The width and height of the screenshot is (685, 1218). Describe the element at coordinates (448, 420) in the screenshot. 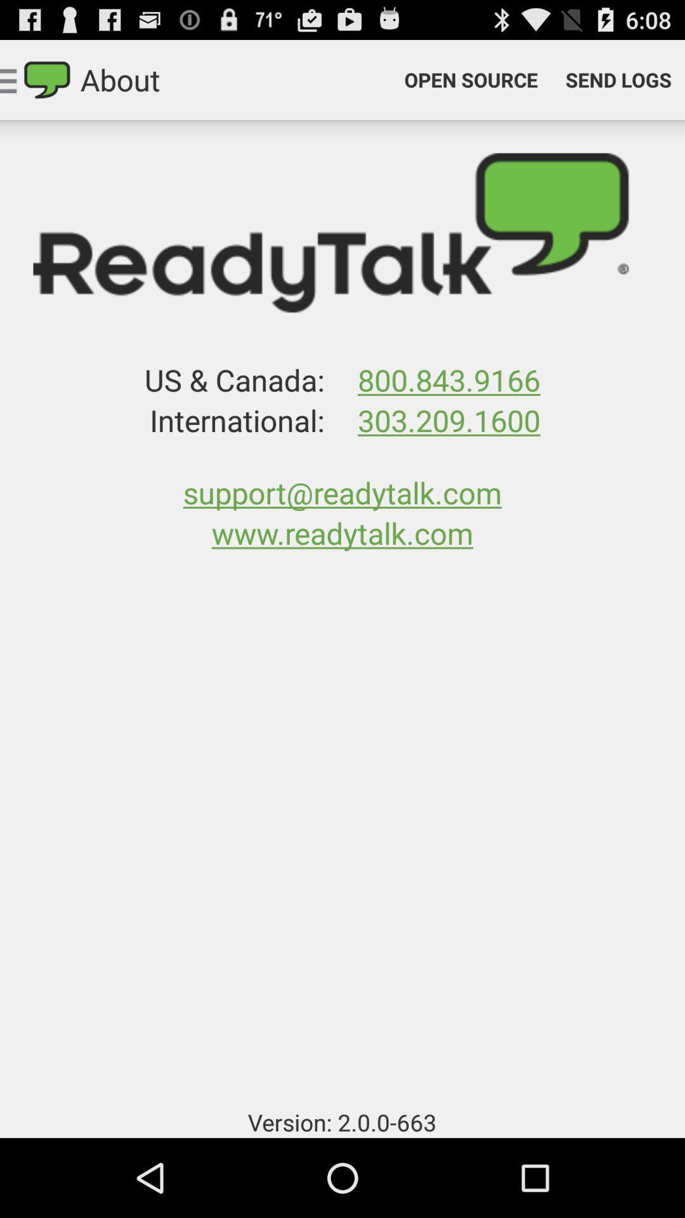

I see `the app above support@readytalk.com icon` at that location.